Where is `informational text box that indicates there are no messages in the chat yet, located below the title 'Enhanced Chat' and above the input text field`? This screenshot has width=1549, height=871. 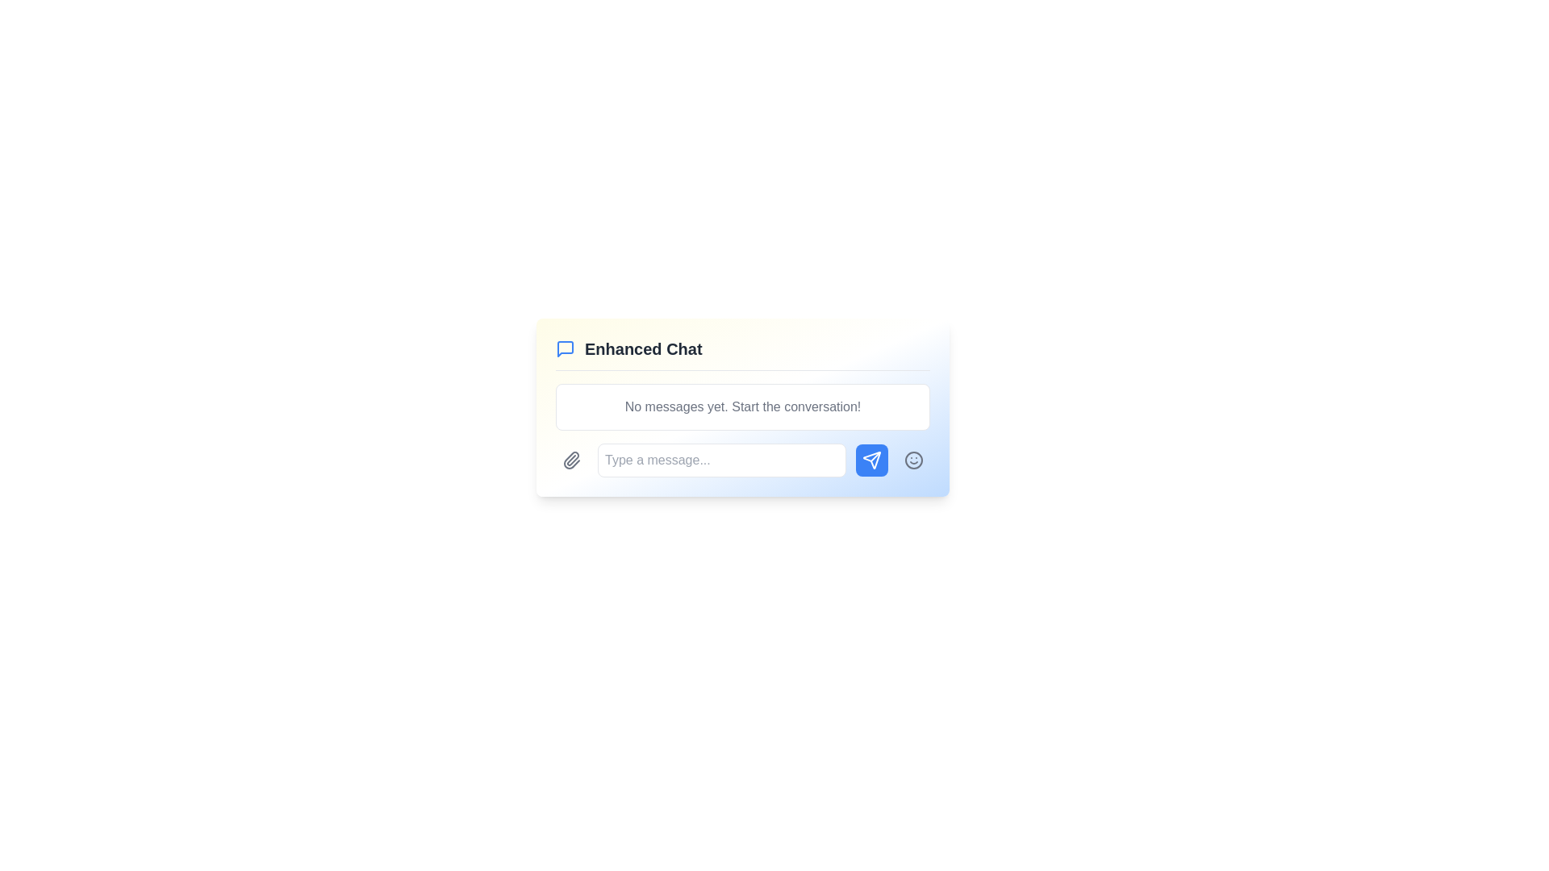
informational text box that indicates there are no messages in the chat yet, located below the title 'Enhanced Chat' and above the input text field is located at coordinates (742, 406).